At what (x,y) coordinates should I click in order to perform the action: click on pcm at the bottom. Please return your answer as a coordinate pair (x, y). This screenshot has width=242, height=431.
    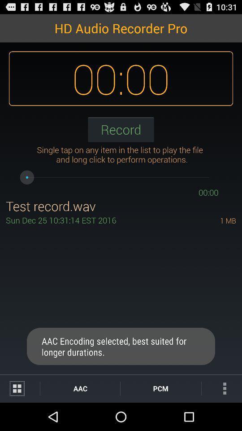
    Looking at the image, I should click on (160, 388).